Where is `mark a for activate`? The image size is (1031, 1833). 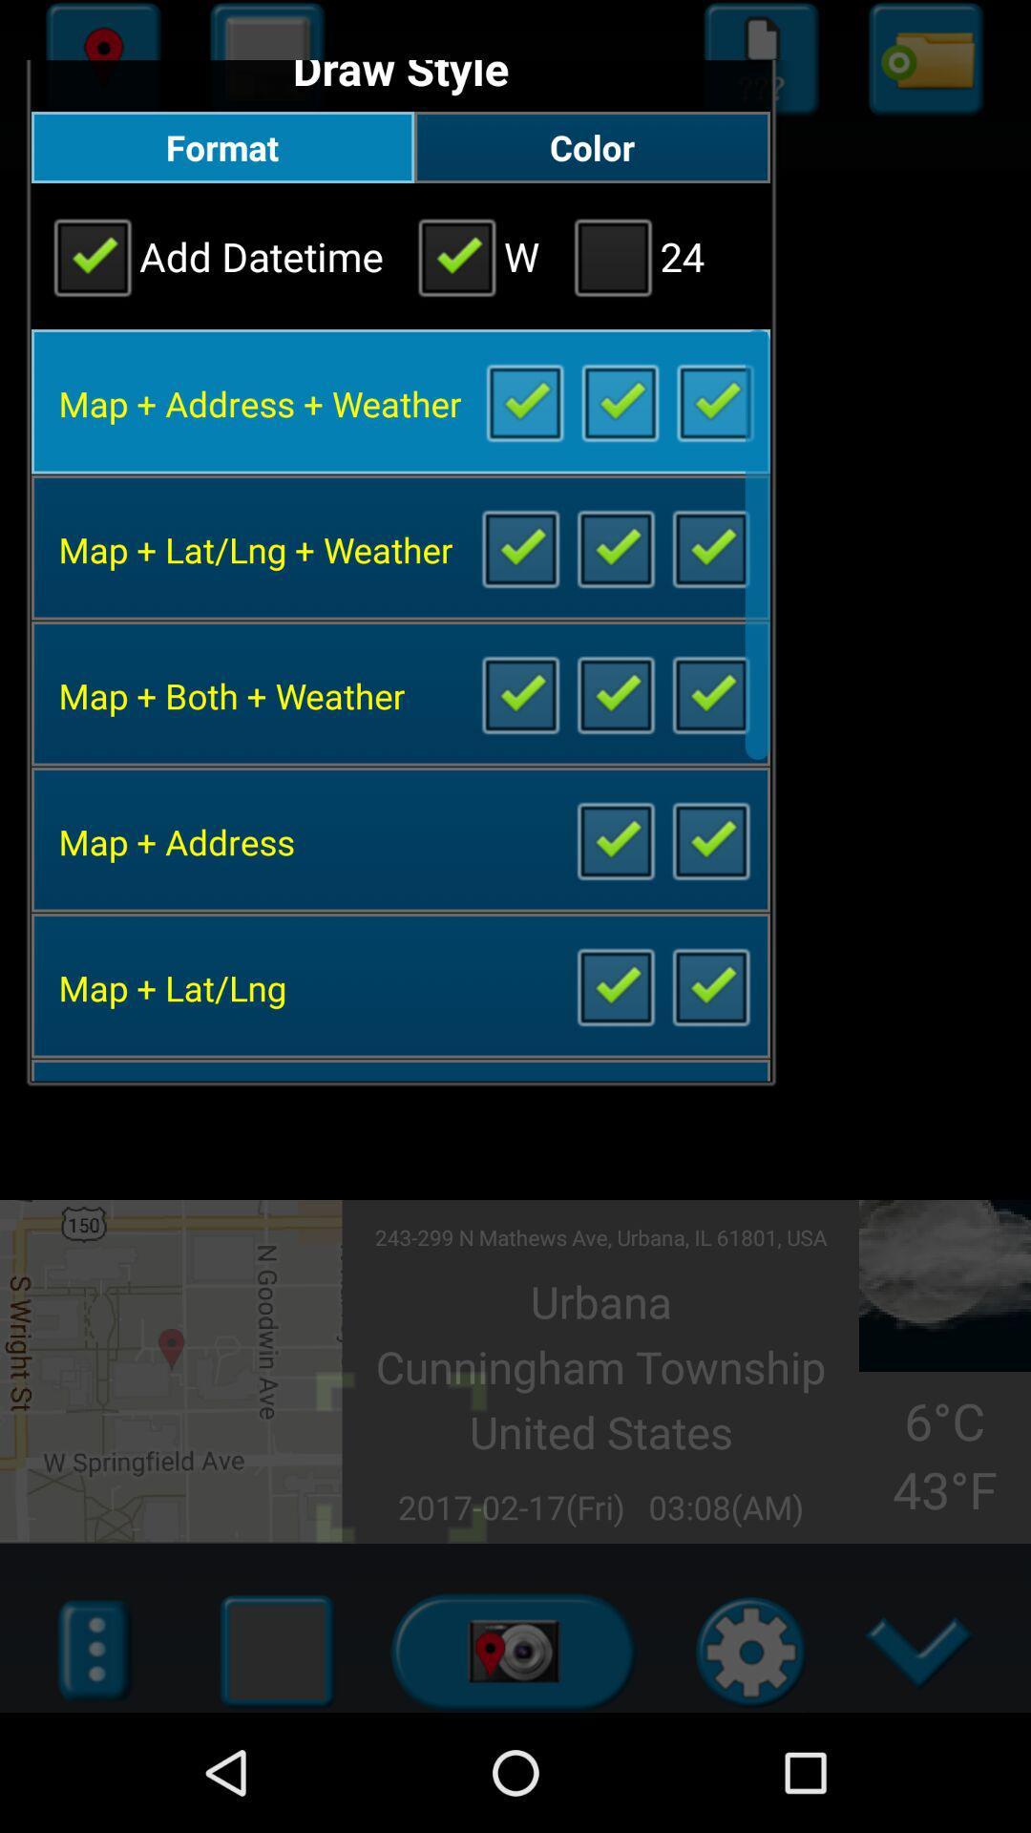
mark a for activate is located at coordinates (524, 400).